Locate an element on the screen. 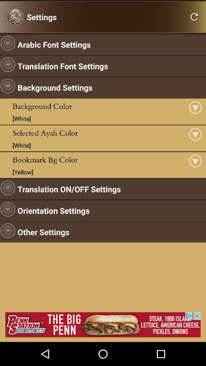 The image size is (206, 366). show outside advertisement is located at coordinates (103, 324).